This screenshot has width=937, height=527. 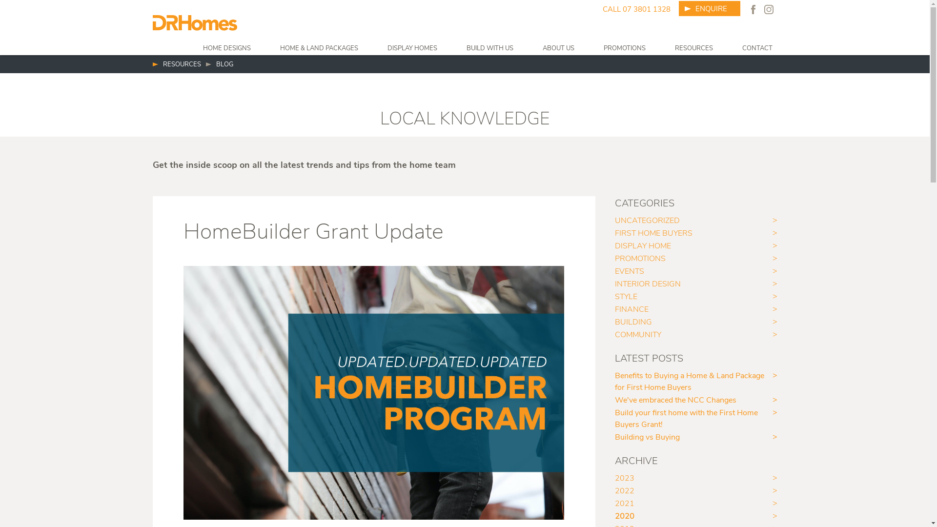 What do you see at coordinates (695, 491) in the screenshot?
I see `'2022'` at bounding box center [695, 491].